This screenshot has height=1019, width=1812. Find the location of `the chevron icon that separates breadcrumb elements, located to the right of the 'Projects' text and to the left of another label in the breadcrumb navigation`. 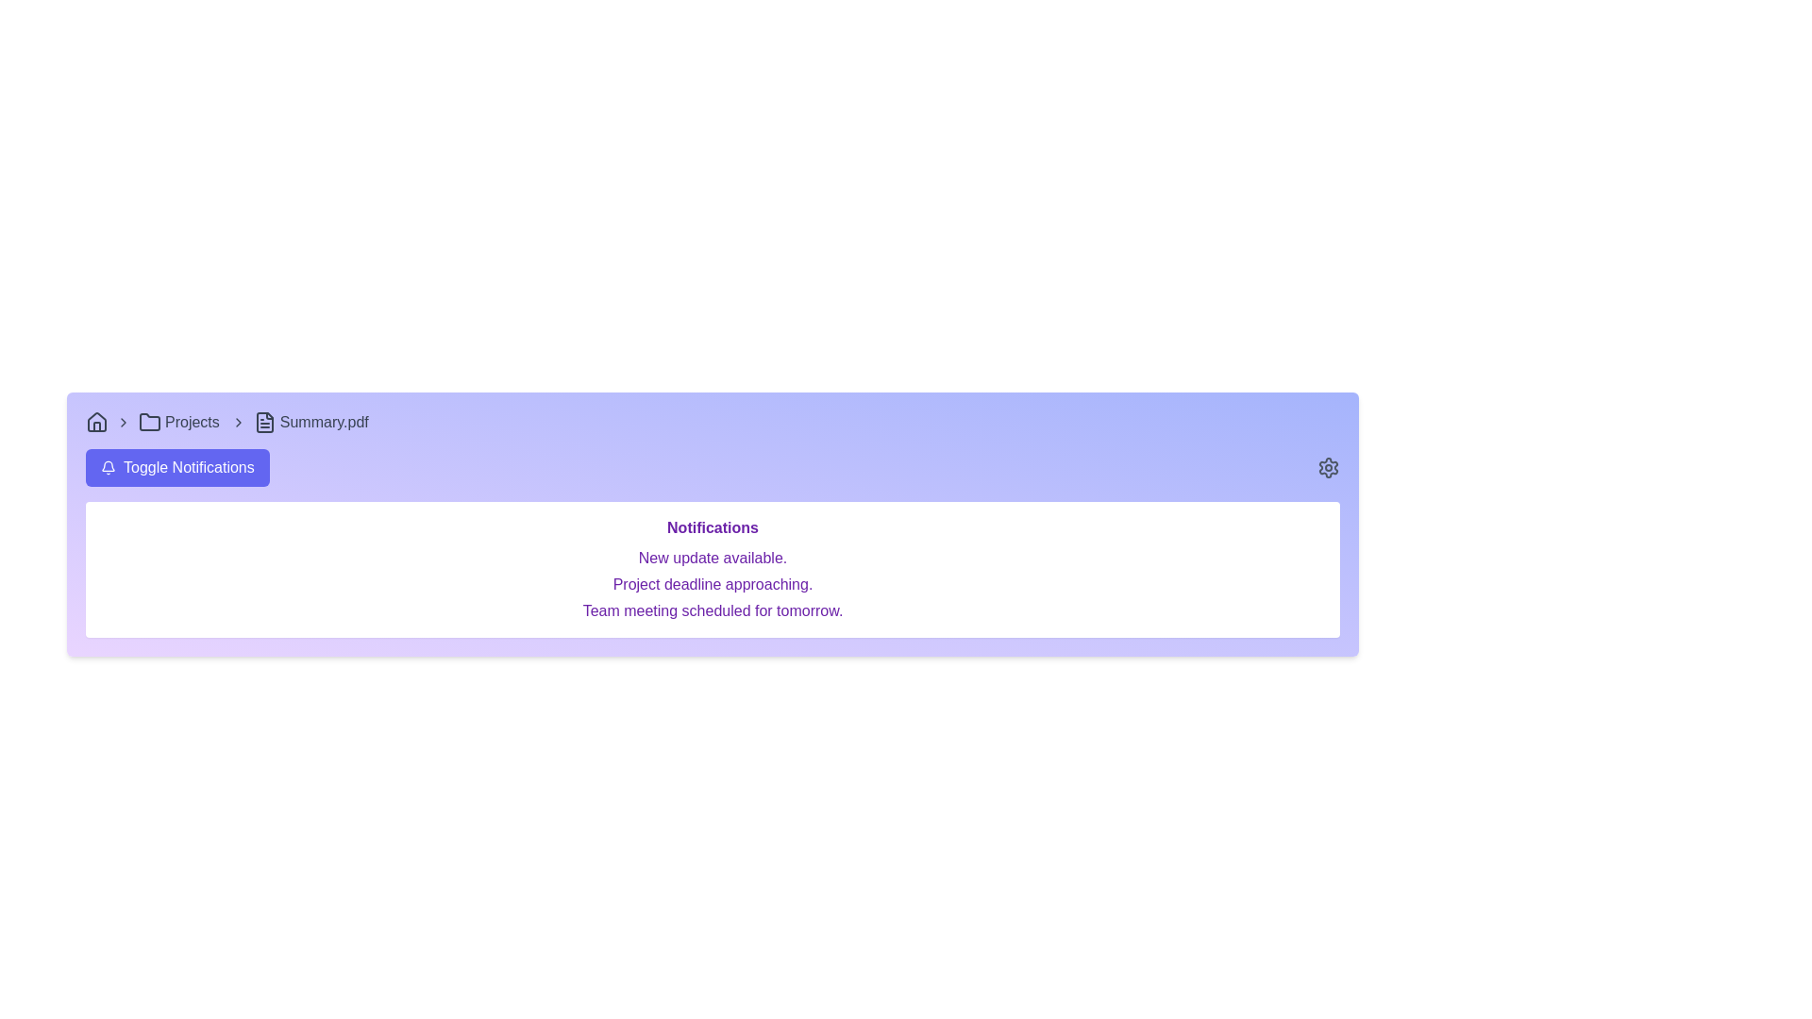

the chevron icon that separates breadcrumb elements, located to the right of the 'Projects' text and to the left of another label in the breadcrumb navigation is located at coordinates (237, 421).